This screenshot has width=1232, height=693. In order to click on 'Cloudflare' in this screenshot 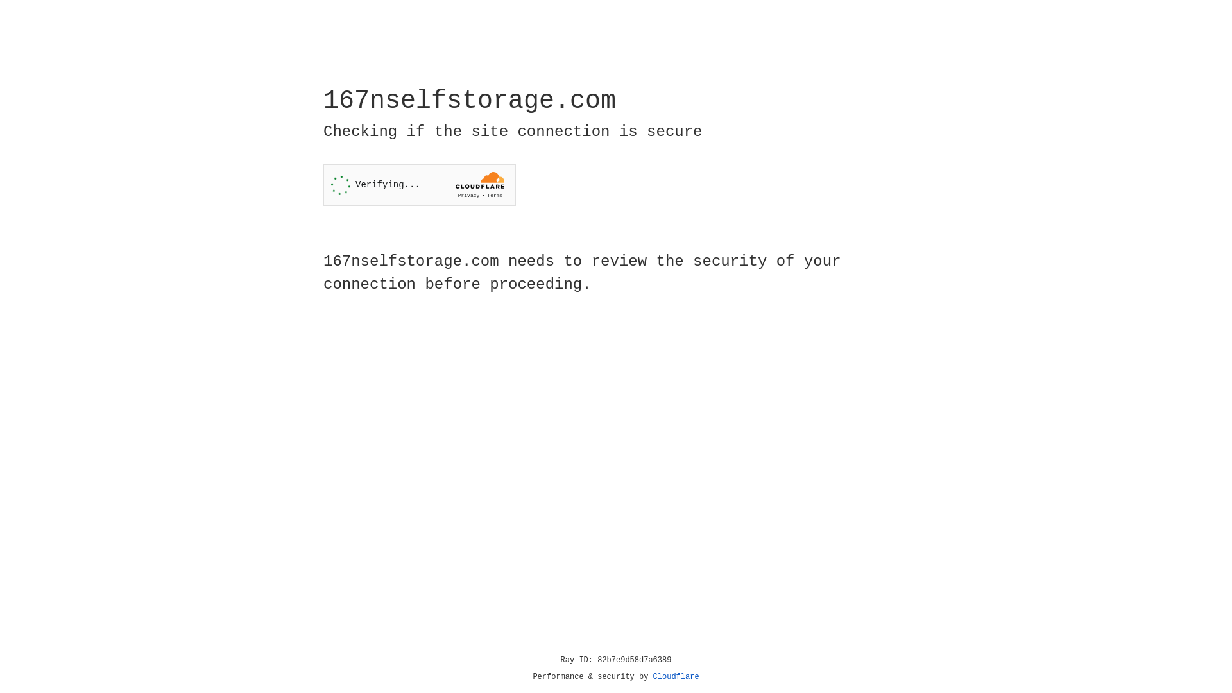, I will do `click(676, 676)`.